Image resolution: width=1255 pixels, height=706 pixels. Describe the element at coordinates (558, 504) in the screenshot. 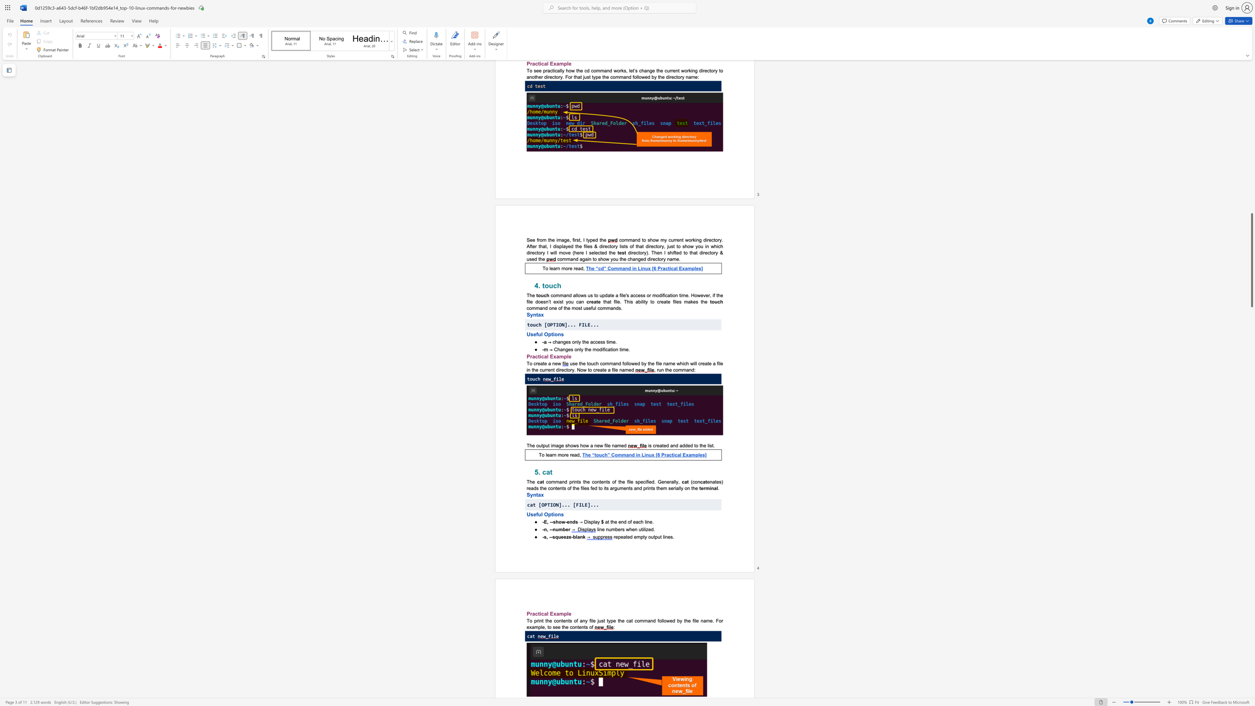

I see `the subset text "]... [FILE]." within the text "cat [OPTION]... [FILE]..."` at that location.